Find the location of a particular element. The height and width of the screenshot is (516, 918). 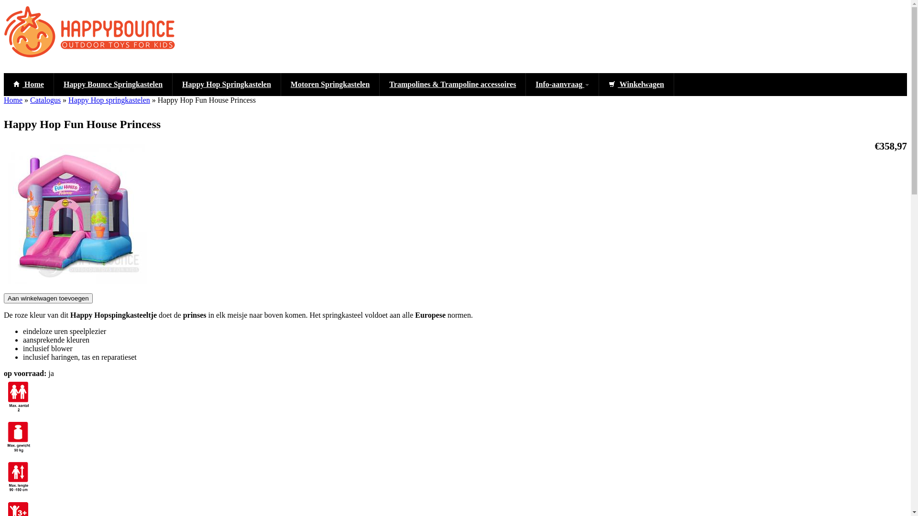

'Trampolines & Trampoline accessoires' is located at coordinates (452, 84).